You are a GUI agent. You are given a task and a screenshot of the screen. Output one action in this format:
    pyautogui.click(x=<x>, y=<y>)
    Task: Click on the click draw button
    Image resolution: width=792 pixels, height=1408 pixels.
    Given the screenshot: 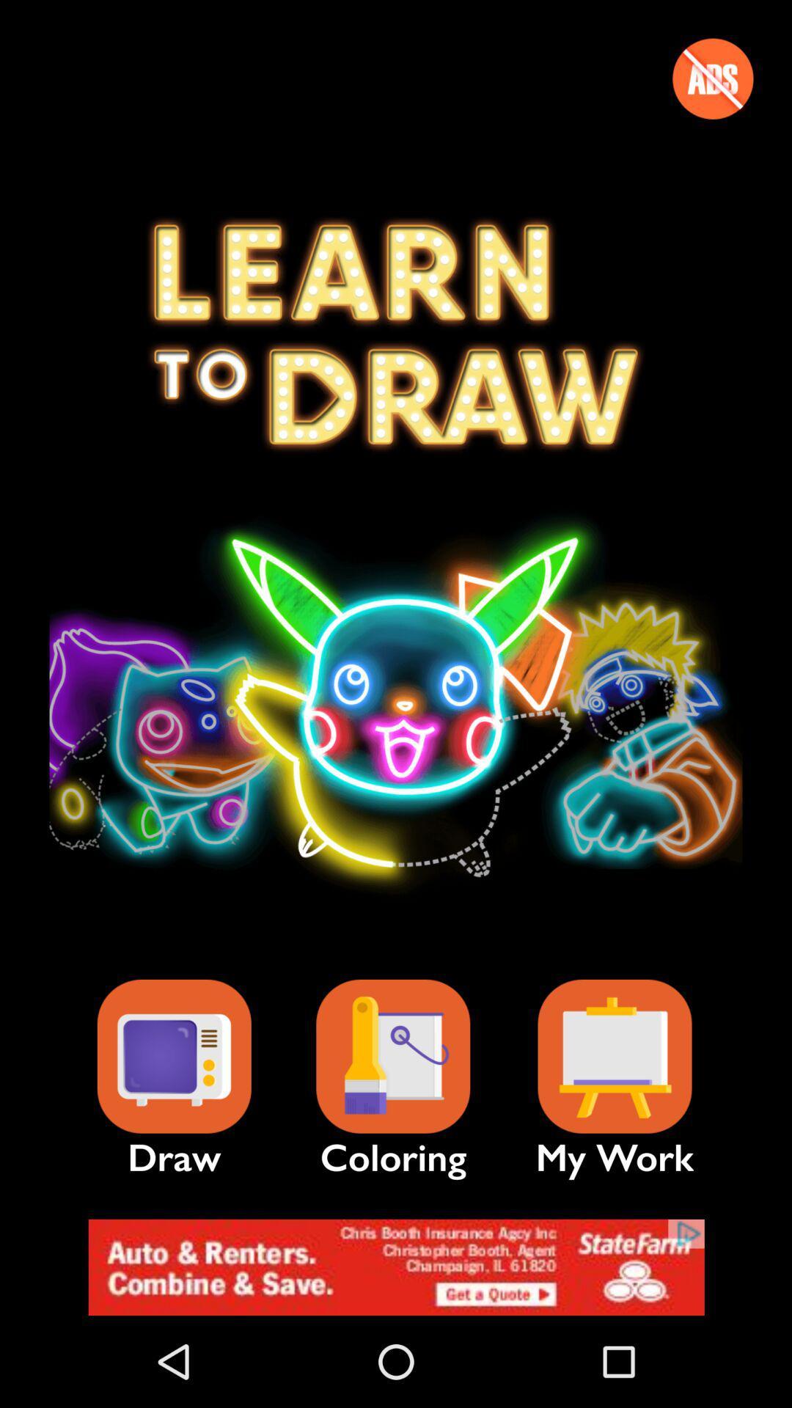 What is the action you would take?
    pyautogui.click(x=173, y=1057)
    